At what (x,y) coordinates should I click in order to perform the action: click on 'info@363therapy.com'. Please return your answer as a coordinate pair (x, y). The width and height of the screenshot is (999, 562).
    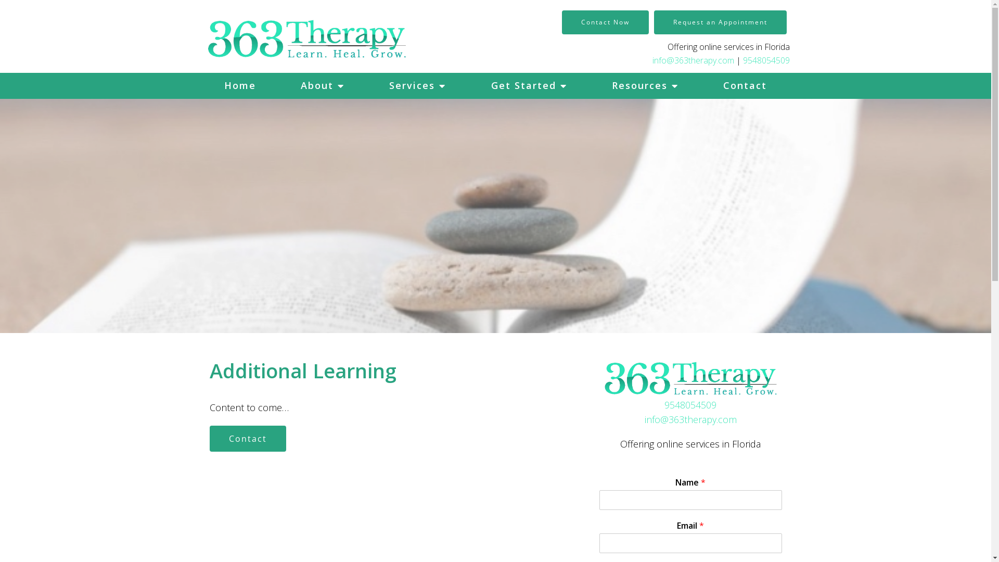
    Looking at the image, I should click on (693, 60).